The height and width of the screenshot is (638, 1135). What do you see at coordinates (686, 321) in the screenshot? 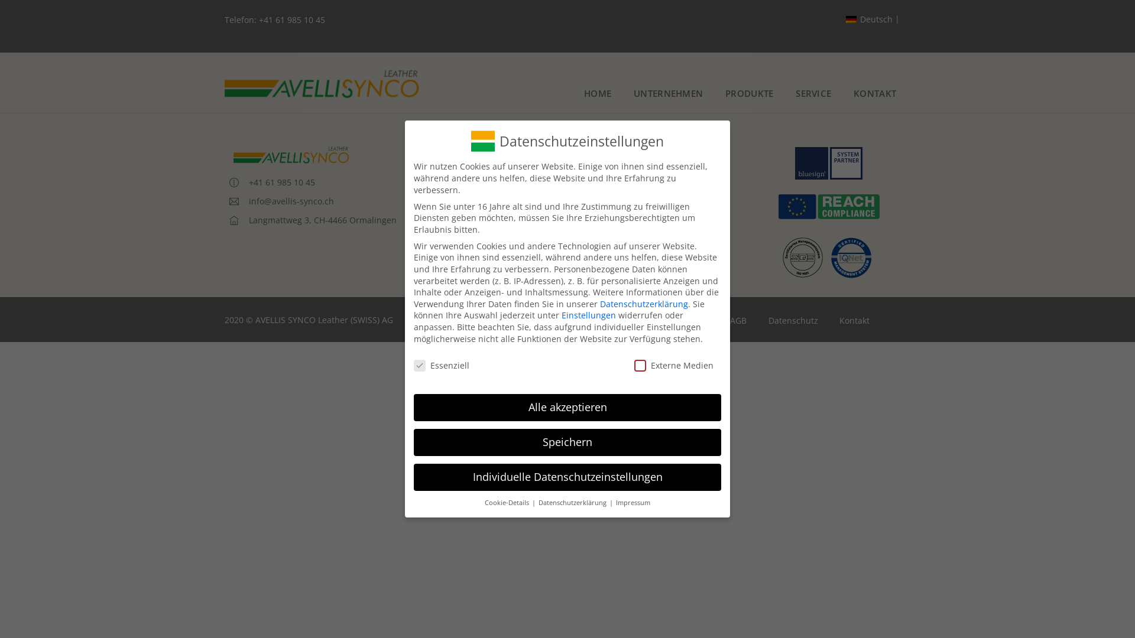
I see `'Impressum'` at bounding box center [686, 321].